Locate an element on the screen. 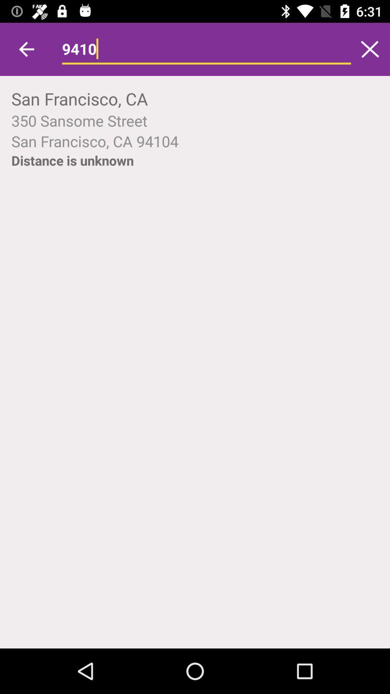  delete entered text is located at coordinates (370, 49).